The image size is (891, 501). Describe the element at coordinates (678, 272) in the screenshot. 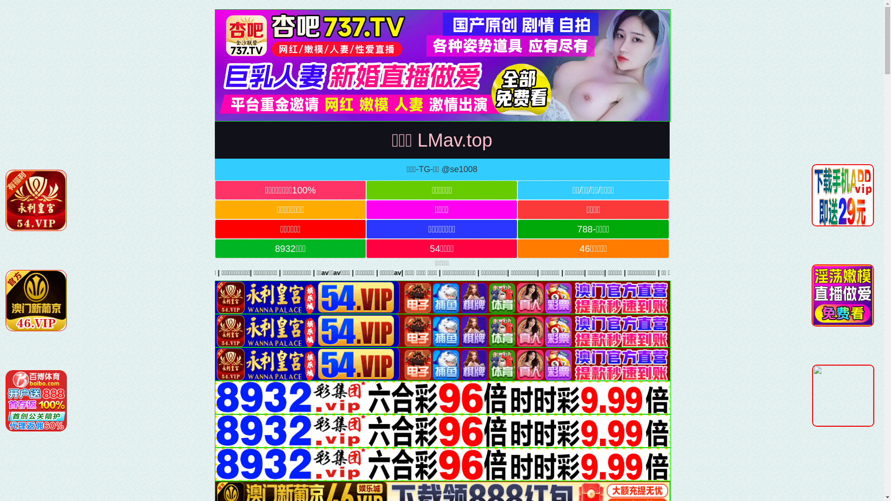

I see `'|'` at that location.